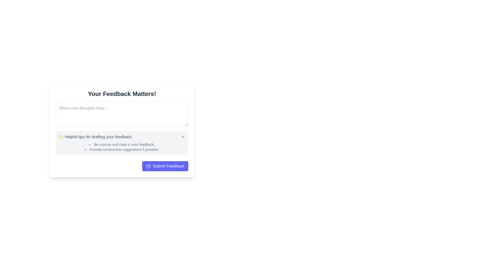 This screenshot has height=272, width=484. I want to click on the submit button located at the bottom-right corner of the feedback form, so click(165, 166).